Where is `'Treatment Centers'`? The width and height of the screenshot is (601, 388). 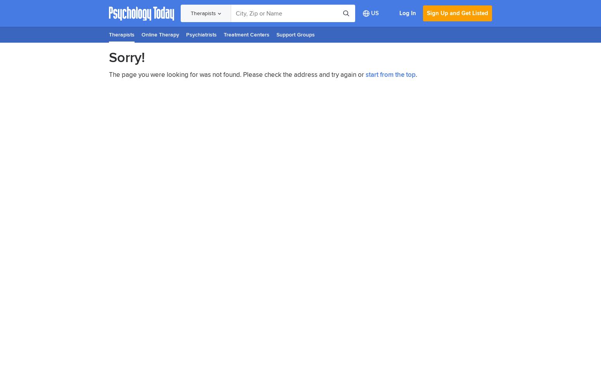
'Treatment Centers' is located at coordinates (246, 34).